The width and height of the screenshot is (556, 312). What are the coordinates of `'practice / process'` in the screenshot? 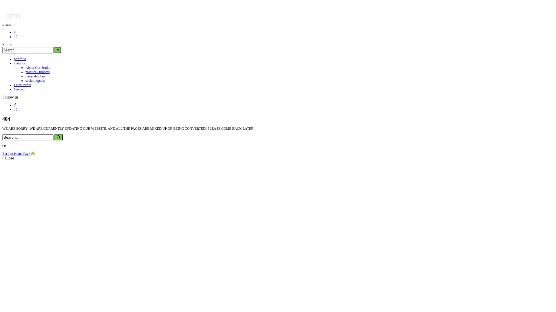 It's located at (37, 72).